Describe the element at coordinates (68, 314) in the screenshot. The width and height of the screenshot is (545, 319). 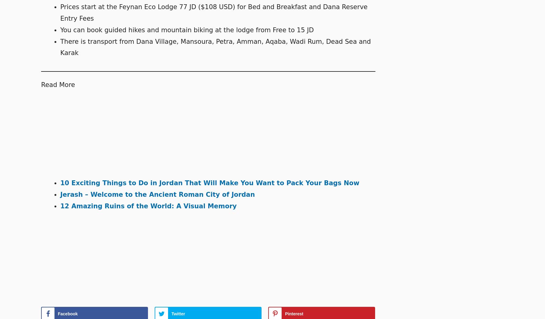
I see `'Facebook'` at that location.